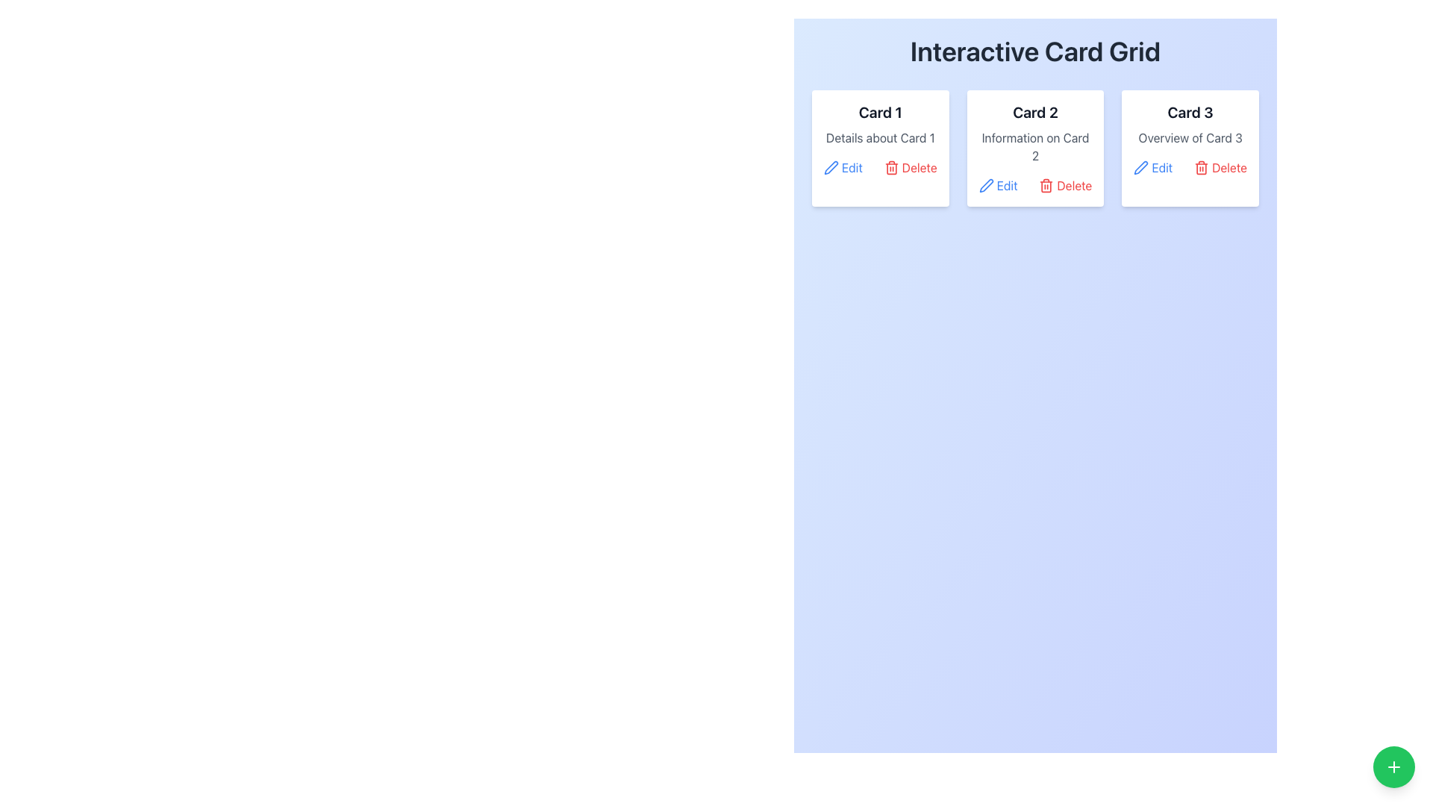  Describe the element at coordinates (880, 138) in the screenshot. I see `the descriptive text label located within 'Card 1', positioned below the main title and above the 'Edit' and 'Delete' buttons` at that location.